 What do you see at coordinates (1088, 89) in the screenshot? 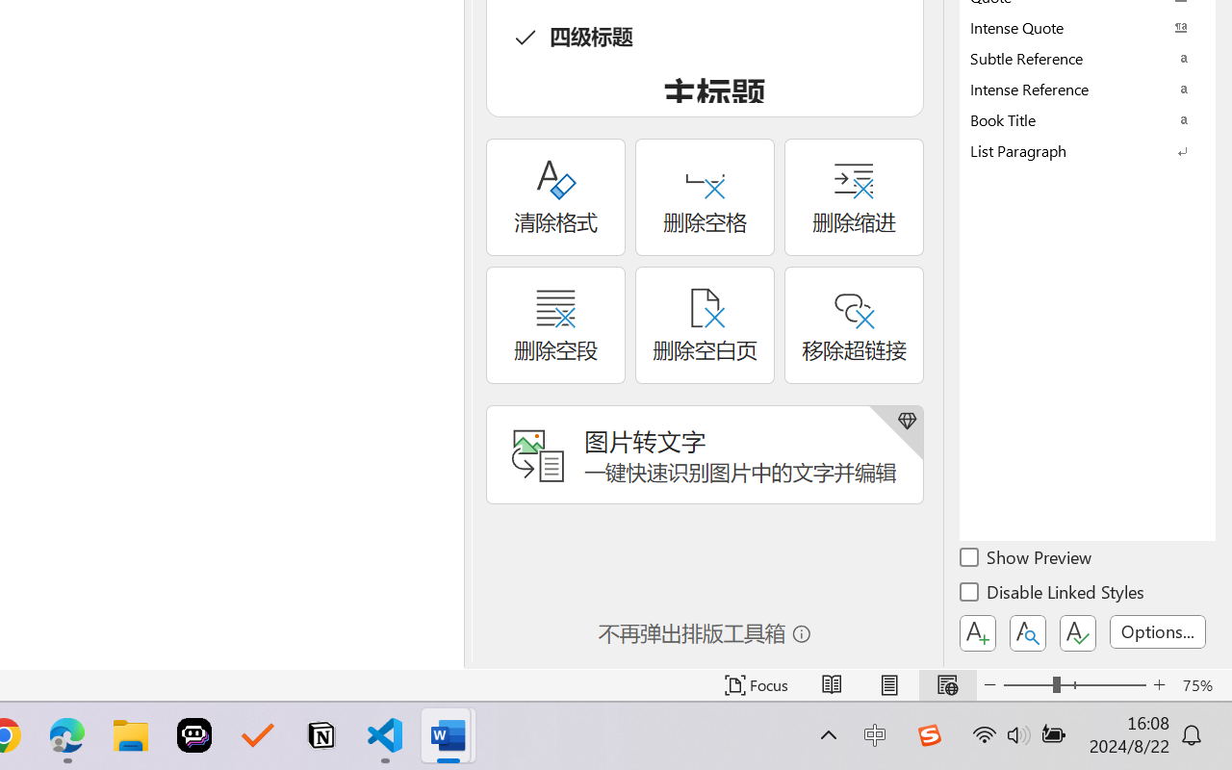
I see `'Intense Reference'` at bounding box center [1088, 89].